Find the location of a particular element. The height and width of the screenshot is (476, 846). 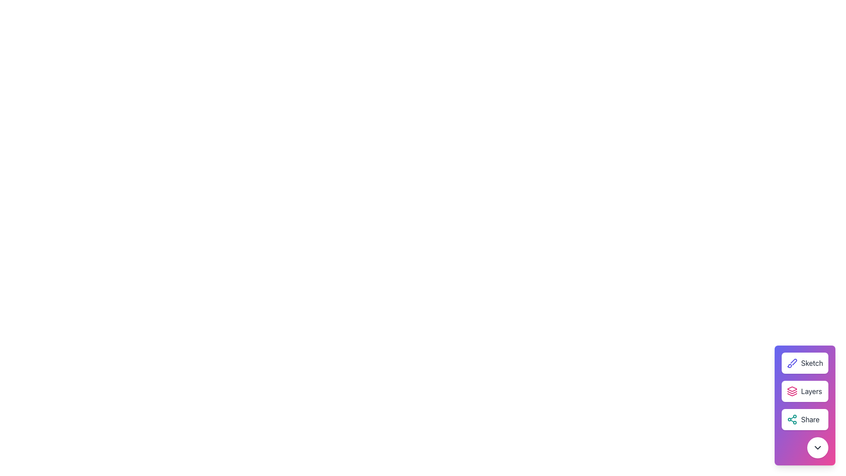

the middle pink icon in the vertical toolbar located near the center-right of the interface is located at coordinates (792, 392).